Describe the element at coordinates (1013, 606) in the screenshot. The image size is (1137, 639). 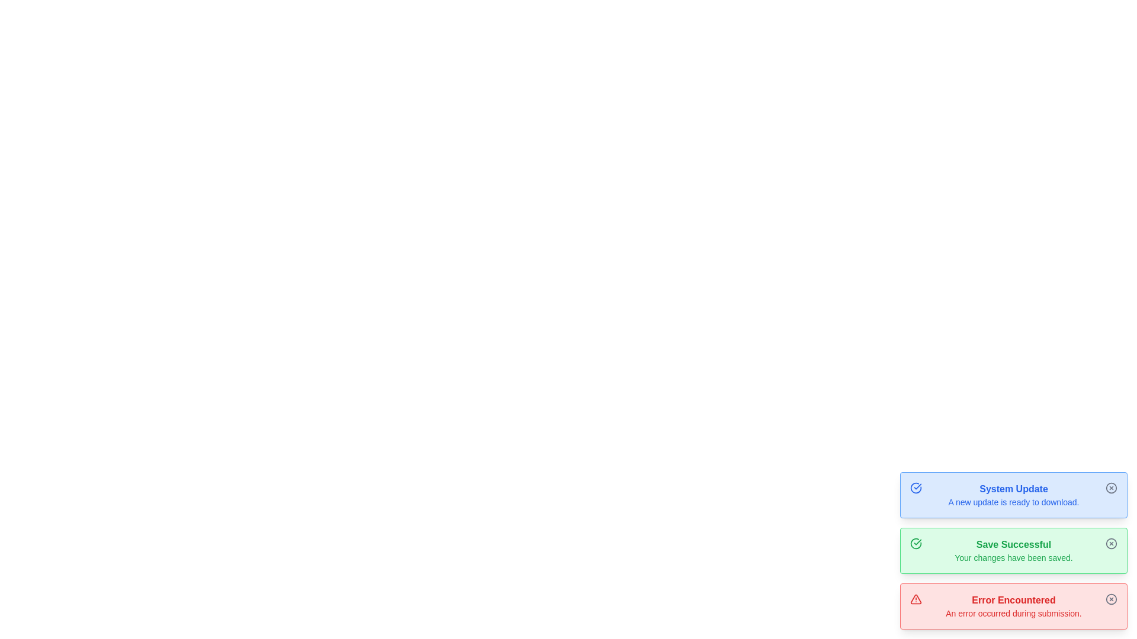
I see `the text-based notification displaying 'Error Encountered'` at that location.